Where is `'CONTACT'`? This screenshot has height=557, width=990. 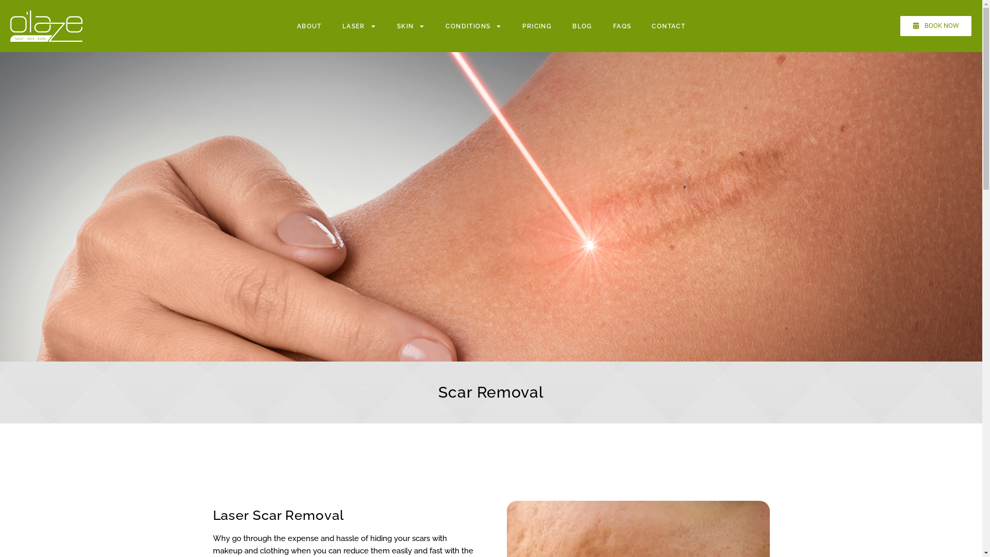
'CONTACT' is located at coordinates (668, 25).